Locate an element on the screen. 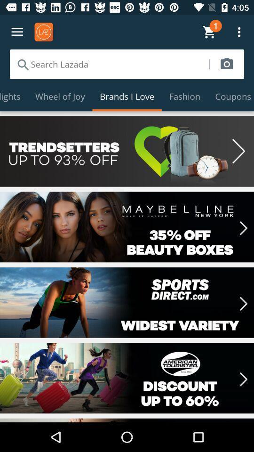 This screenshot has height=452, width=254. shortcut to brand page is located at coordinates (127, 378).